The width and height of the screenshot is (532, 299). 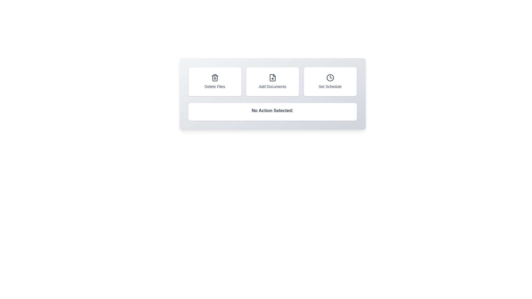 What do you see at coordinates (272, 81) in the screenshot?
I see `the middle button in the grid layout used for adding documents` at bounding box center [272, 81].